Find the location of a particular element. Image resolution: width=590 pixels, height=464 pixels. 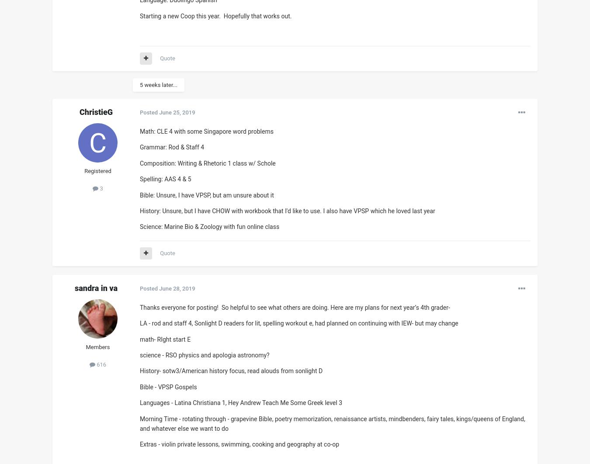

'ChristieG' is located at coordinates (79, 112).